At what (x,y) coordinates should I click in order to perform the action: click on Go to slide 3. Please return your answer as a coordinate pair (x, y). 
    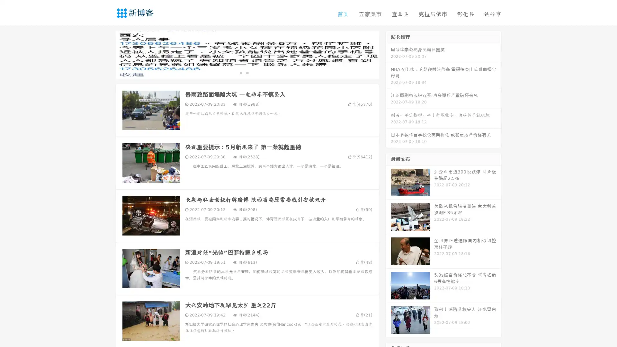
    Looking at the image, I should click on (254, 72).